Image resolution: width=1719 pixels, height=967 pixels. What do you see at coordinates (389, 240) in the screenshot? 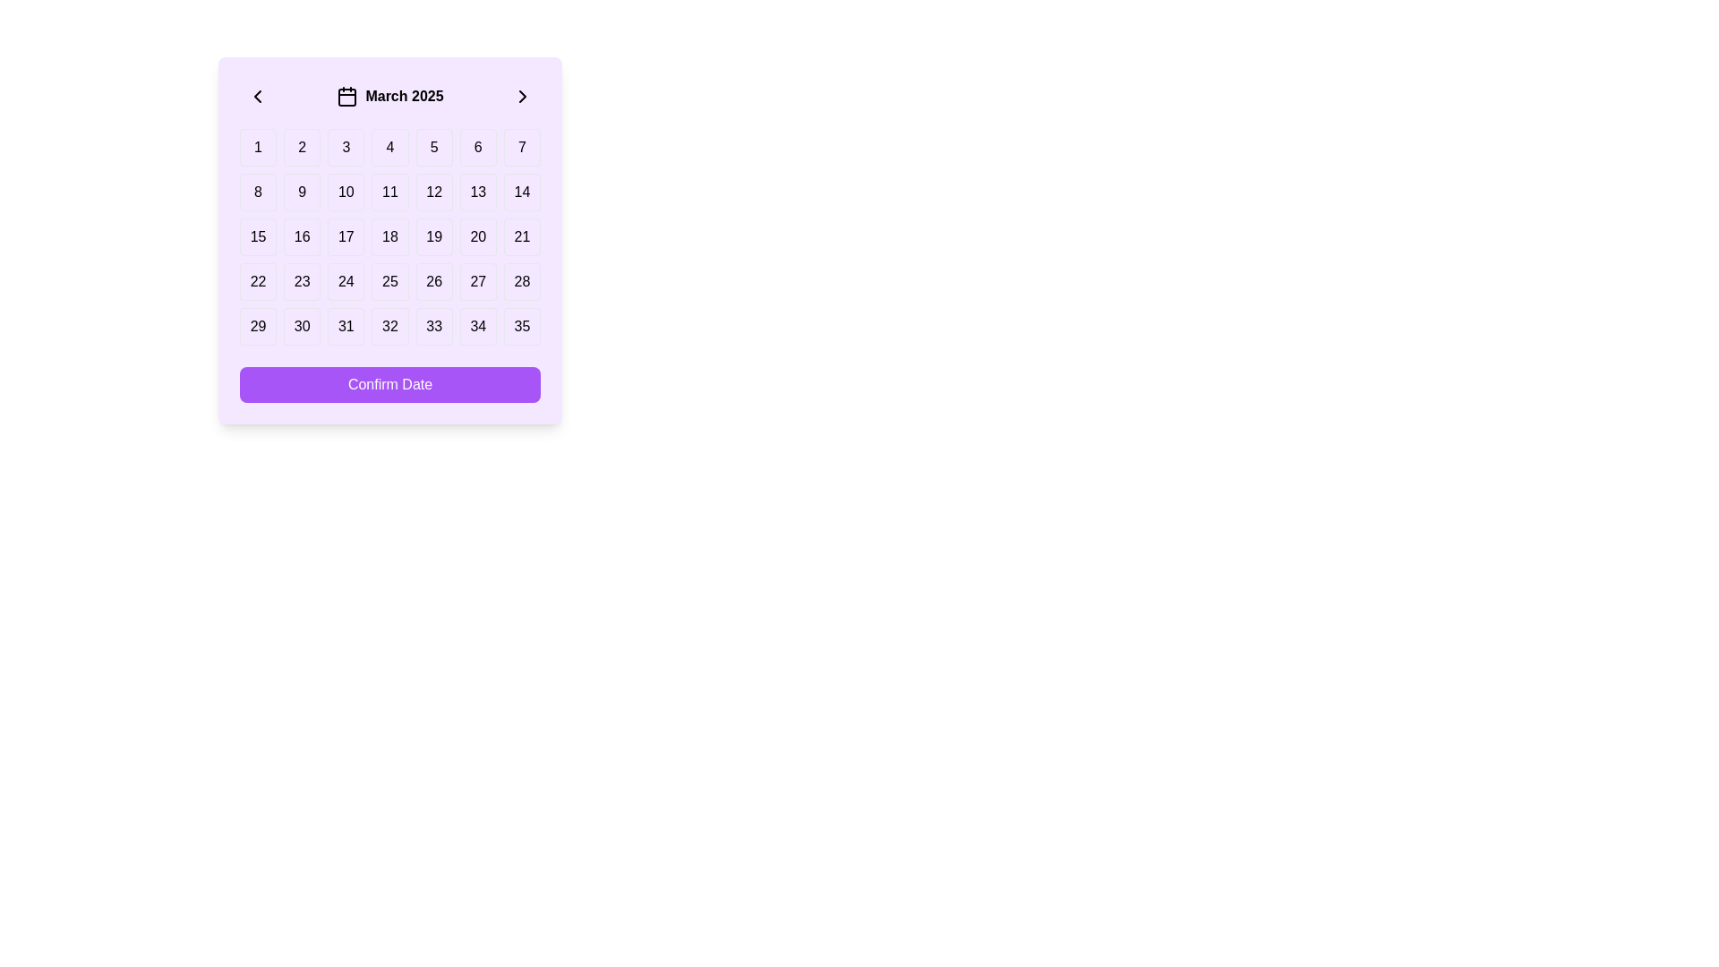
I see `the date cell within the Calendar widget for March 2025` at bounding box center [389, 240].